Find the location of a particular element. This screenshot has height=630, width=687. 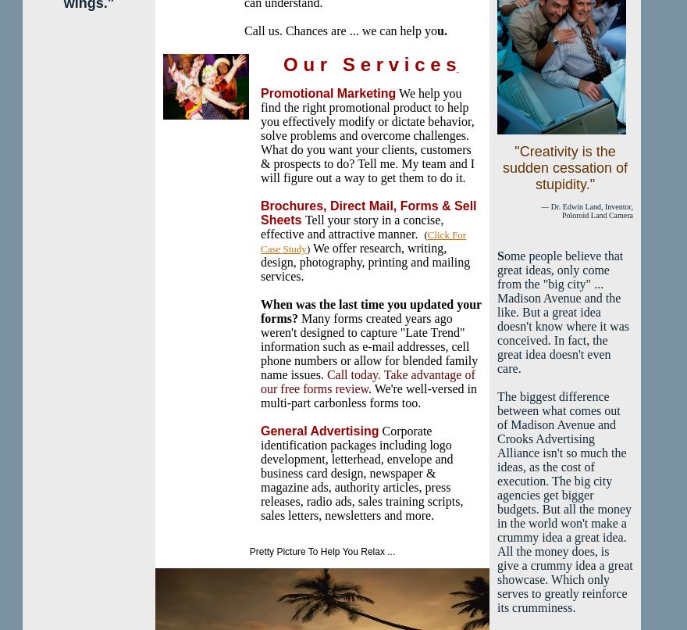

'u.' is located at coordinates (442, 30).